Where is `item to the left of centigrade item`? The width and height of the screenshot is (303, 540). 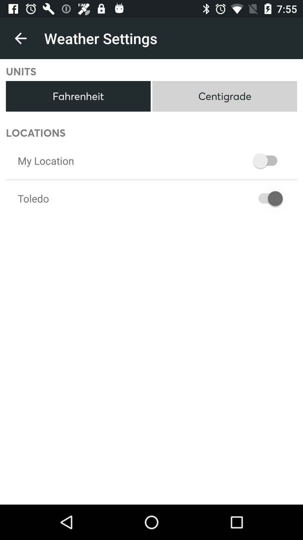
item to the left of centigrade item is located at coordinates (78, 96).